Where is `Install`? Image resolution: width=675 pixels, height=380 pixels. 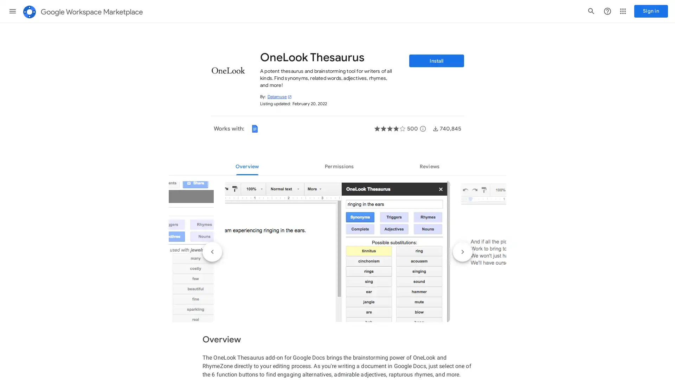
Install is located at coordinates (486, 61).